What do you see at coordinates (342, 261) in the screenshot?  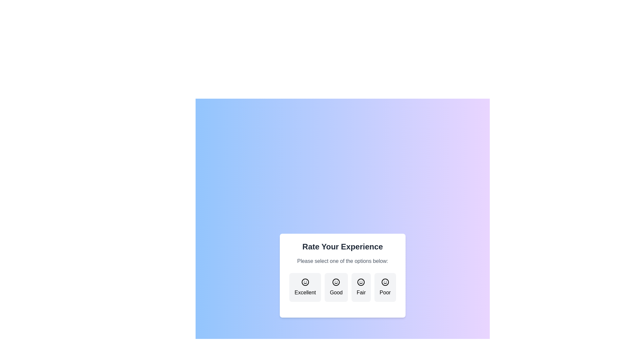 I see `the text label that reads 'Please select one of the options below:' which is located beneath the title 'Rate Your Experience' and above the option buttons` at bounding box center [342, 261].